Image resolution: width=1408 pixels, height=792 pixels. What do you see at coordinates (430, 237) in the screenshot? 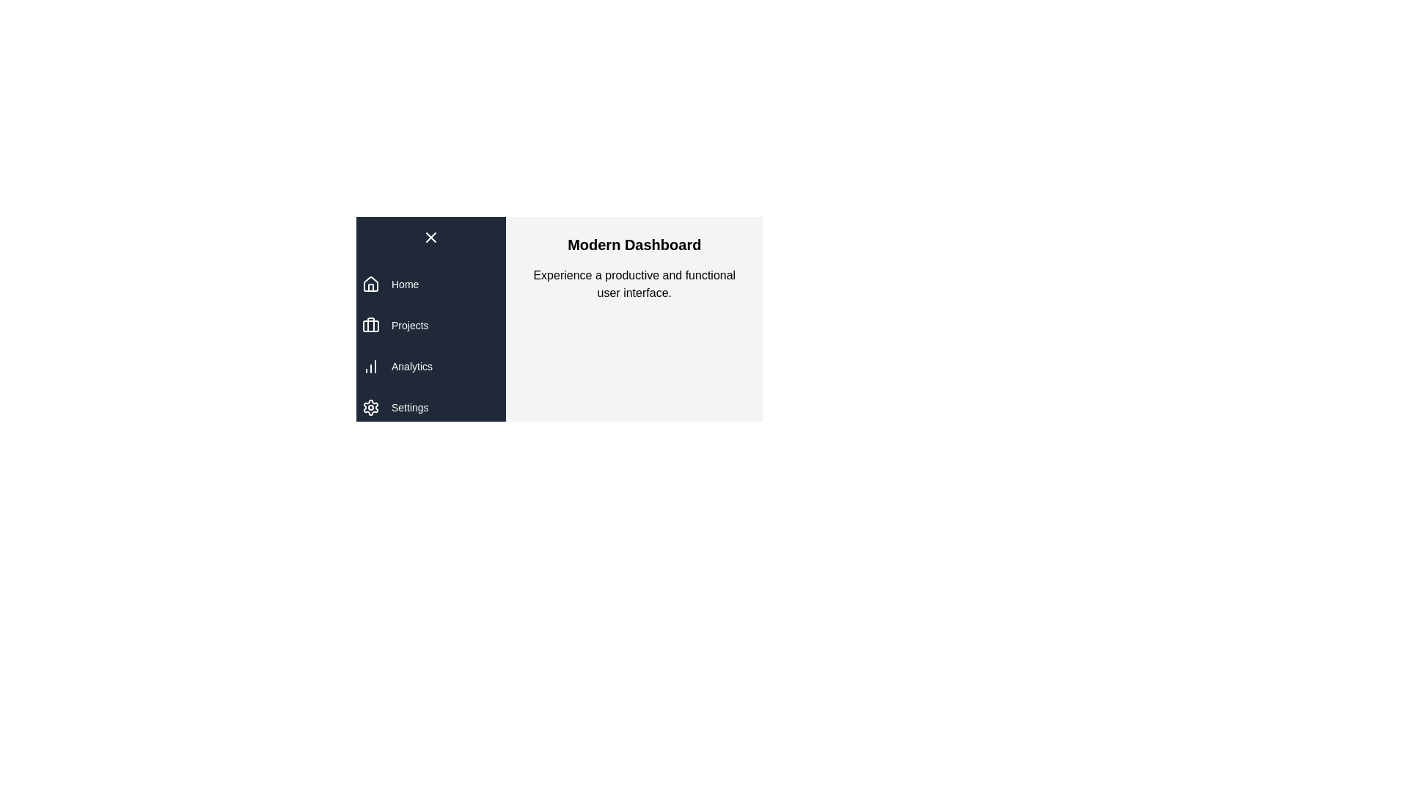
I see `the button with the X or Menu icon to toggle the drawer state` at bounding box center [430, 237].